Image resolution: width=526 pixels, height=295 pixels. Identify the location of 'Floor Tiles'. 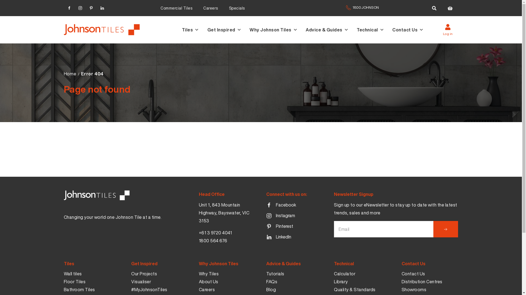
(74, 282).